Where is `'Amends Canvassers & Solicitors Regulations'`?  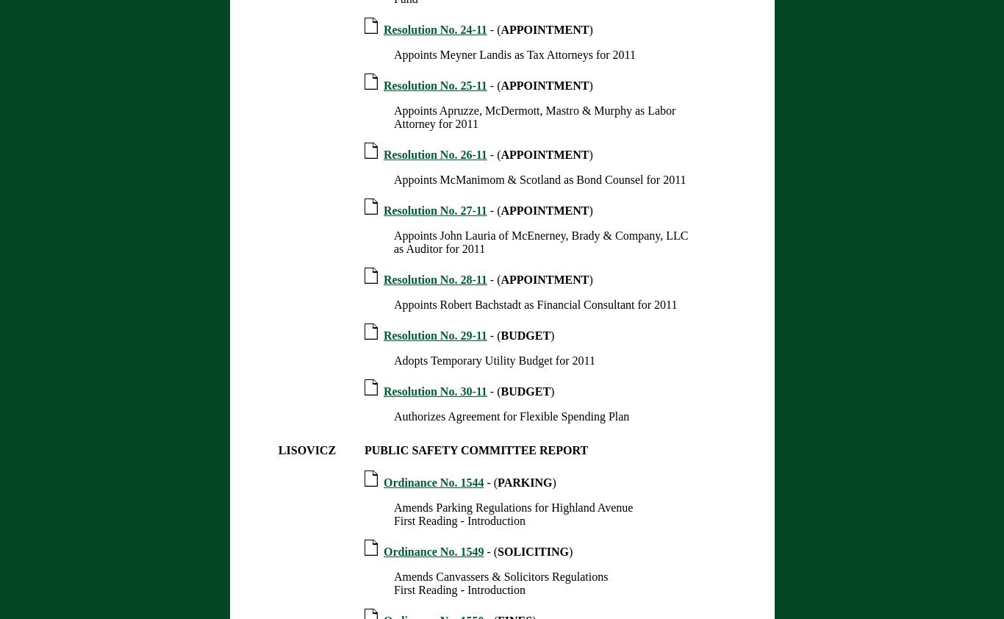 'Amends Canvassers & Solicitors Regulations' is located at coordinates (499, 576).